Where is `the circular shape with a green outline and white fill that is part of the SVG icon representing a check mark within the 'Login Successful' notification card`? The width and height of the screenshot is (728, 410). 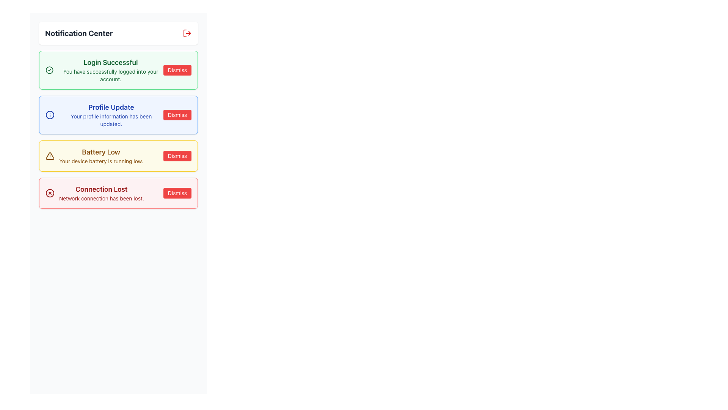 the circular shape with a green outline and white fill that is part of the SVG icon representing a check mark within the 'Login Successful' notification card is located at coordinates (49, 70).